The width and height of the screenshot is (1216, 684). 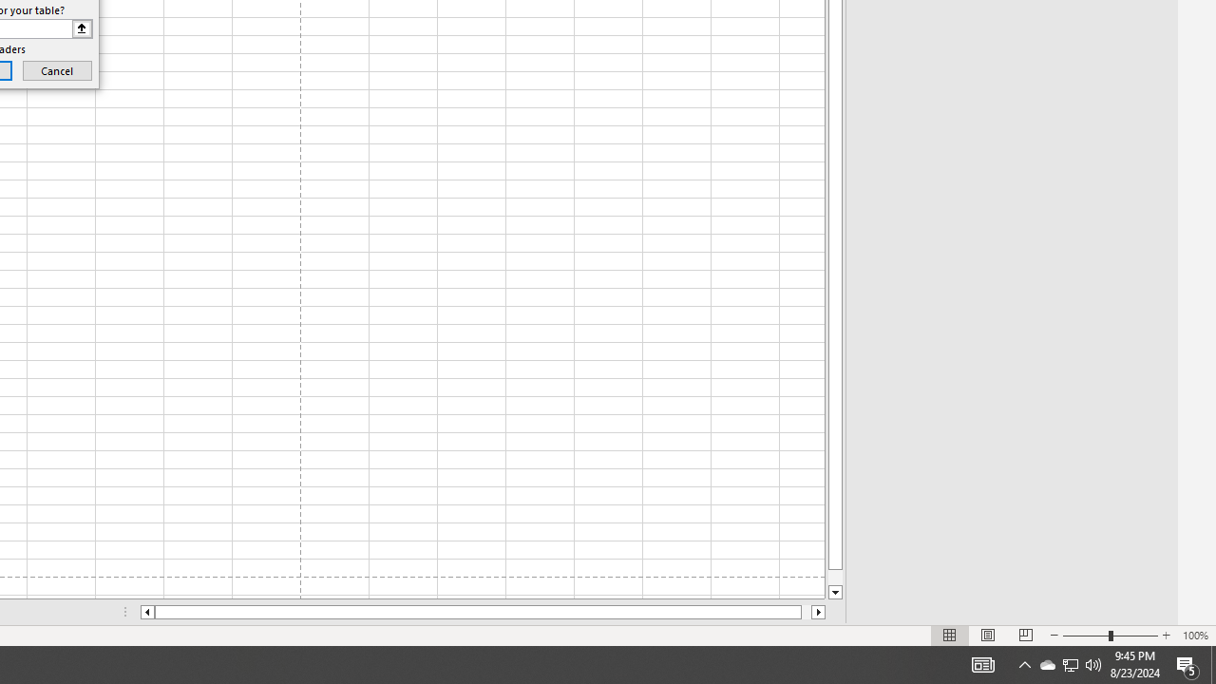 What do you see at coordinates (806, 612) in the screenshot?
I see `'Page right'` at bounding box center [806, 612].